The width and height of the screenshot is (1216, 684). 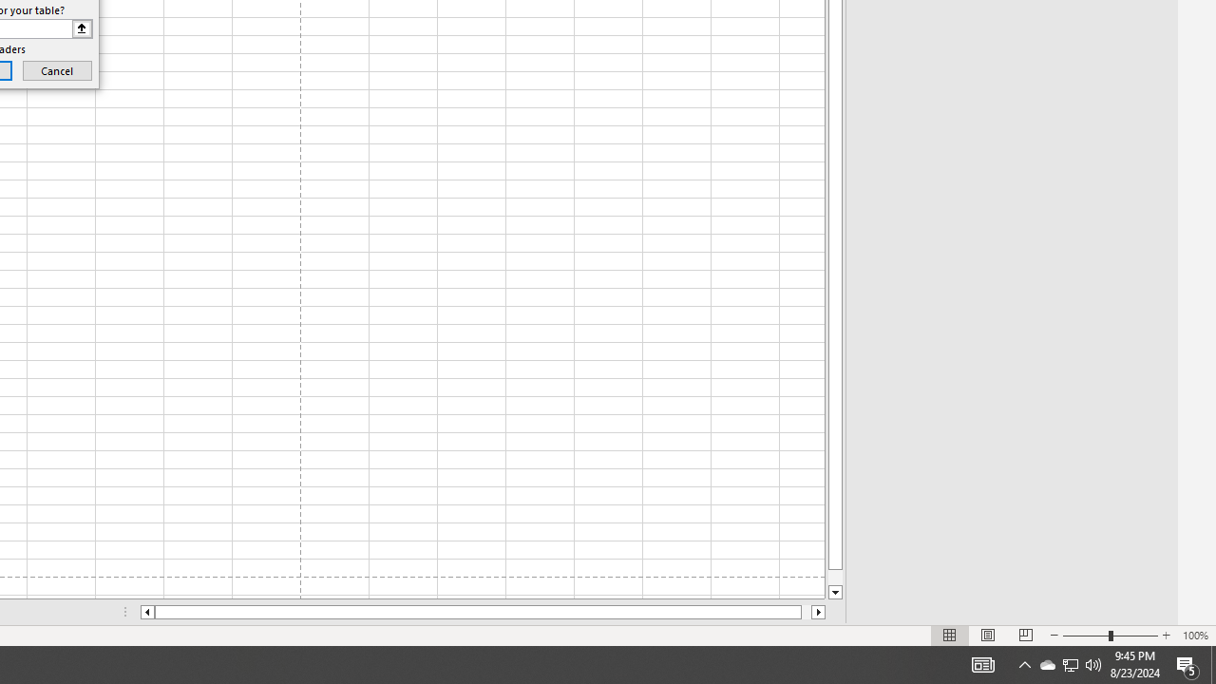 What do you see at coordinates (806, 612) in the screenshot?
I see `'Page right'` at bounding box center [806, 612].